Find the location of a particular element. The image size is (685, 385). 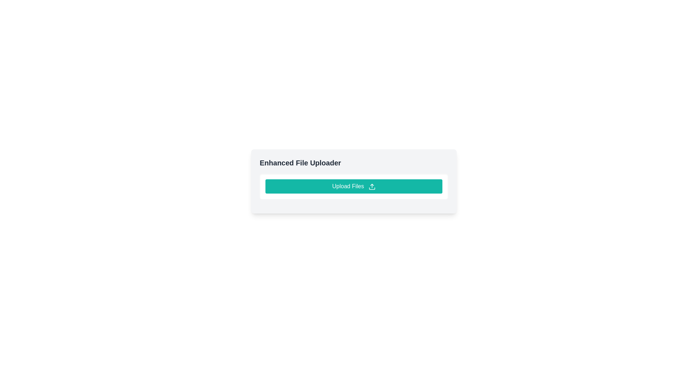

the 'Upload Files' button with a teal background and rounded corners is located at coordinates (354, 186).